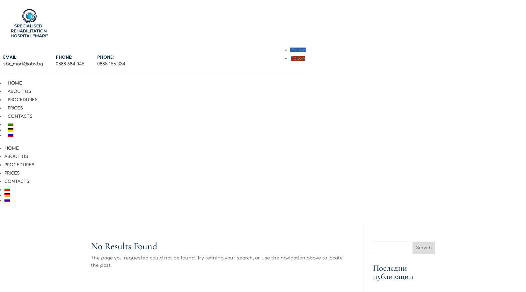  I want to click on 'The page you requested could not be found. Try refining your search, or use the navigation above to locate the post.', so click(216, 261).